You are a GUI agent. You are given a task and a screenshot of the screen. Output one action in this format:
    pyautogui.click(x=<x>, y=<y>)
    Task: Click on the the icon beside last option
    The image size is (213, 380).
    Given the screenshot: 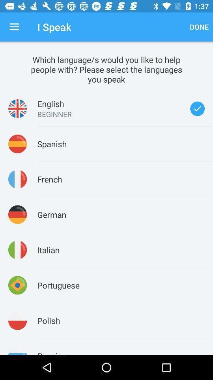 What is the action you would take?
    pyautogui.click(x=17, y=350)
    